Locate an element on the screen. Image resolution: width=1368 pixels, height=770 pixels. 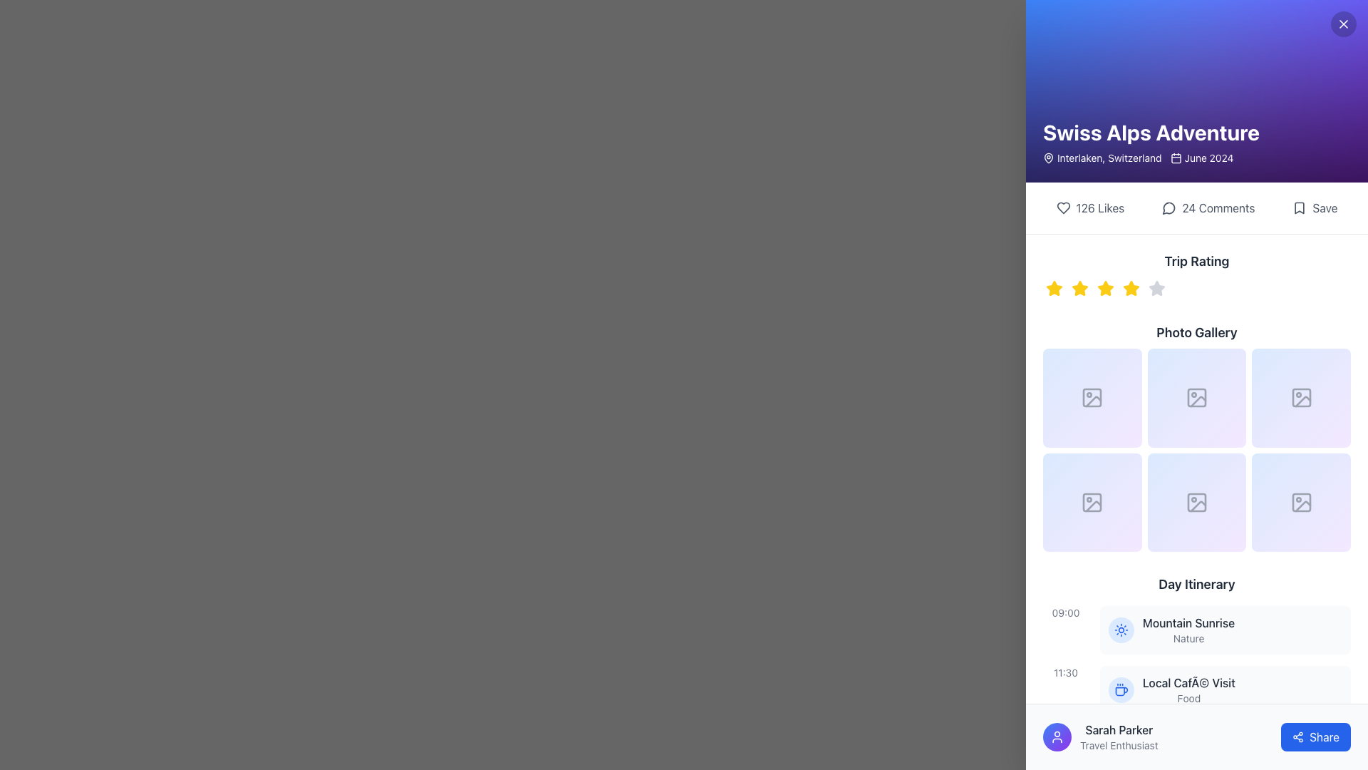
the first star-shaped icon styled in yellow under the 'Trip Rating' label to rate it is located at coordinates (1054, 289).